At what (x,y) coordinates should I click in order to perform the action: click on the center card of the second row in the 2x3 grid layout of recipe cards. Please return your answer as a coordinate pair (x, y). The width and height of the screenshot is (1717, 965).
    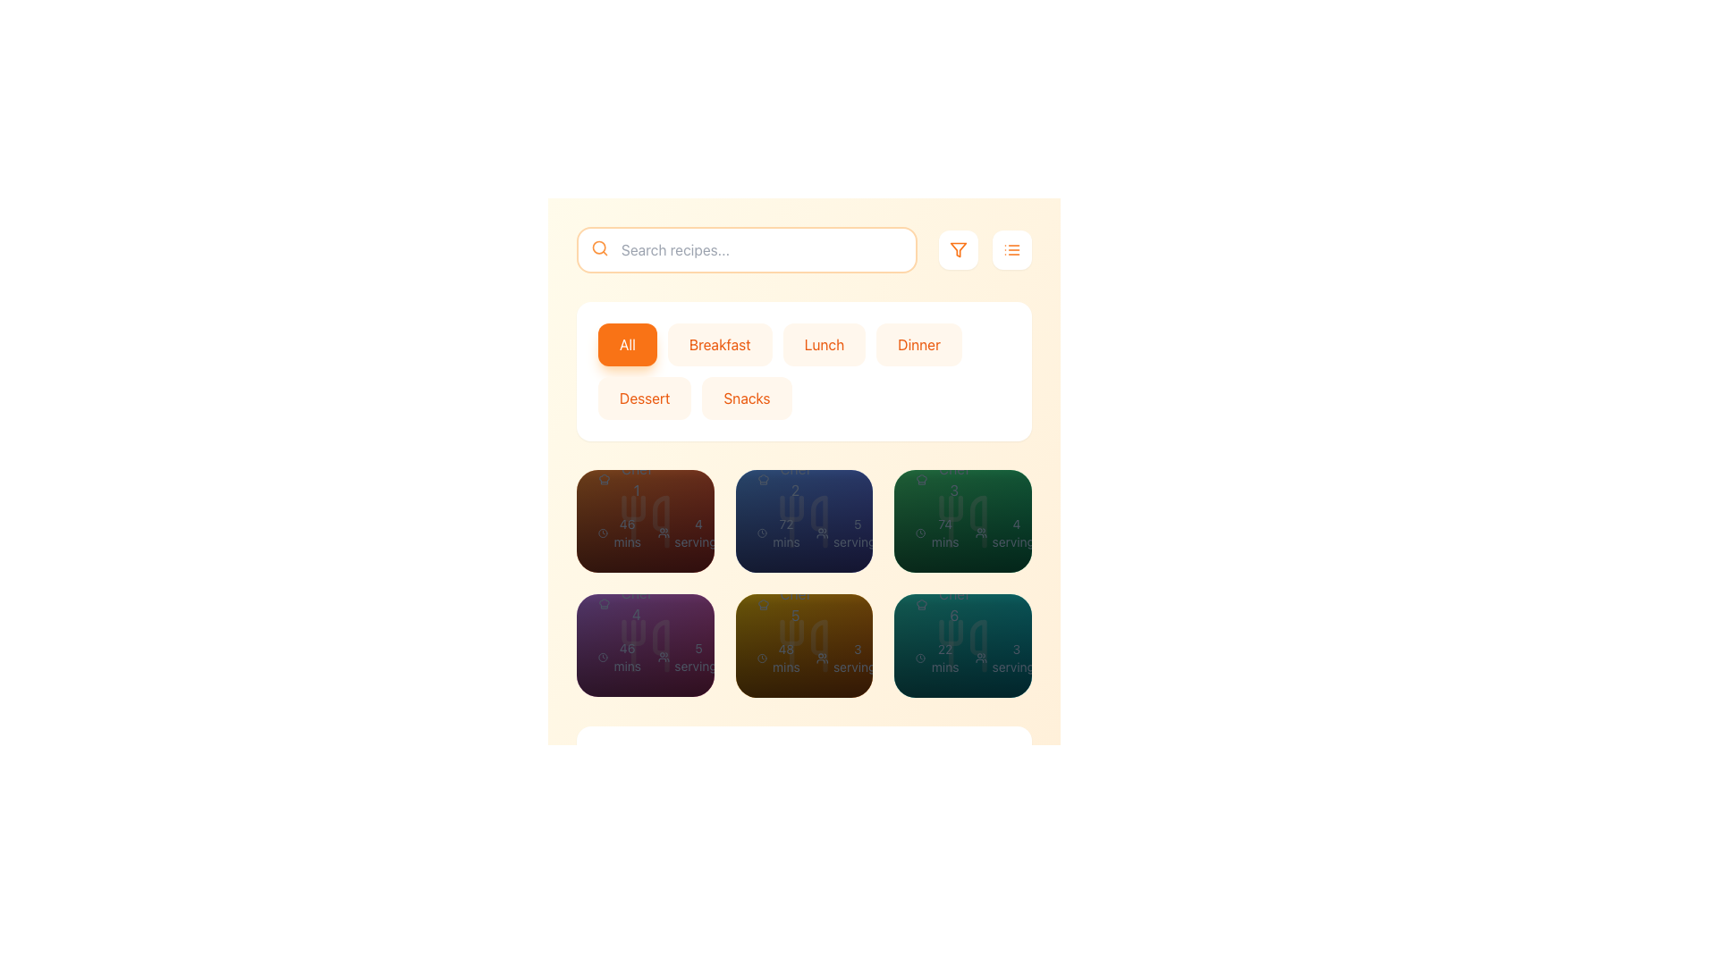
    Looking at the image, I should click on (803, 583).